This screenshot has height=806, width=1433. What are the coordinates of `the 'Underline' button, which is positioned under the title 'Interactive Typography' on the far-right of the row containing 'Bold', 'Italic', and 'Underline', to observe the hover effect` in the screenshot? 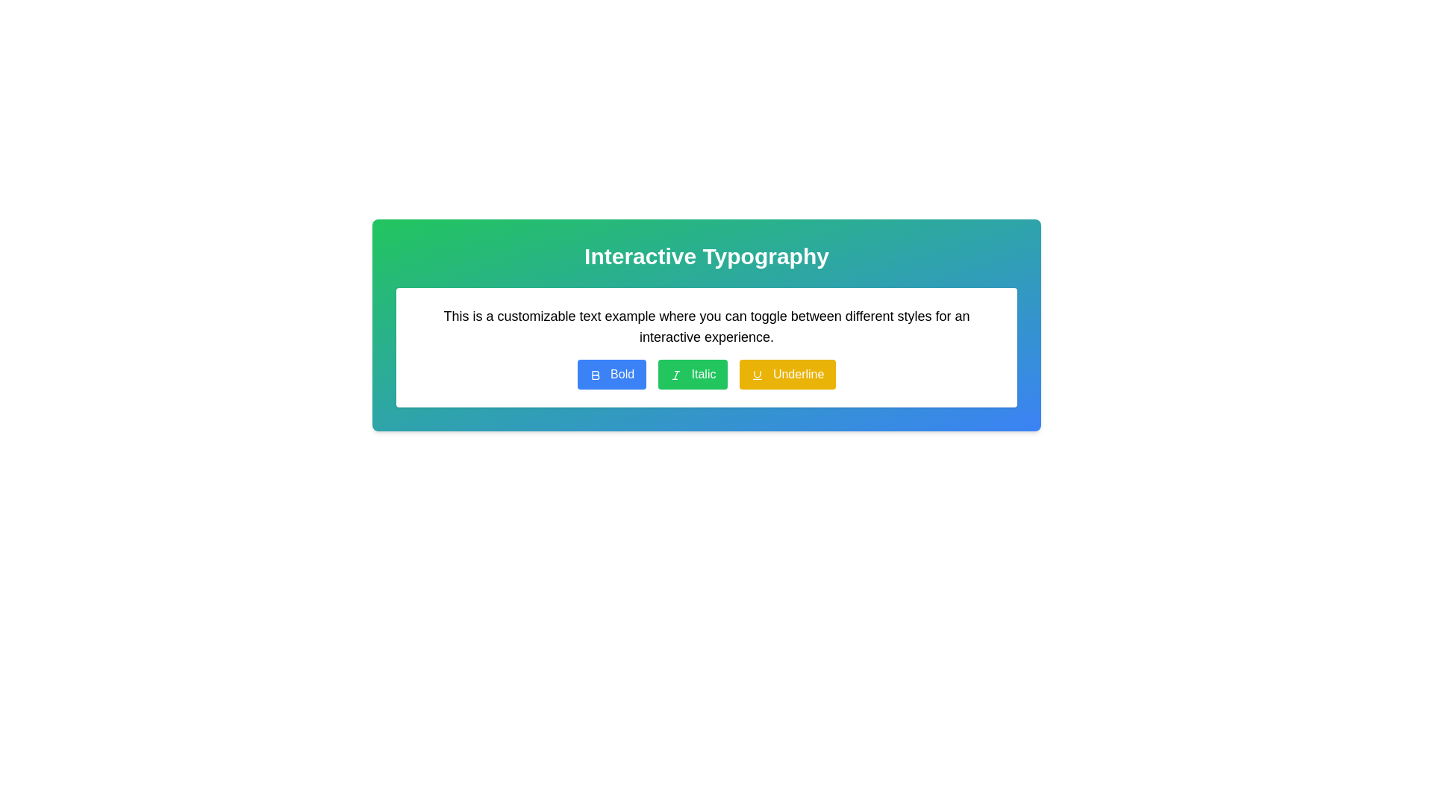 It's located at (787, 373).